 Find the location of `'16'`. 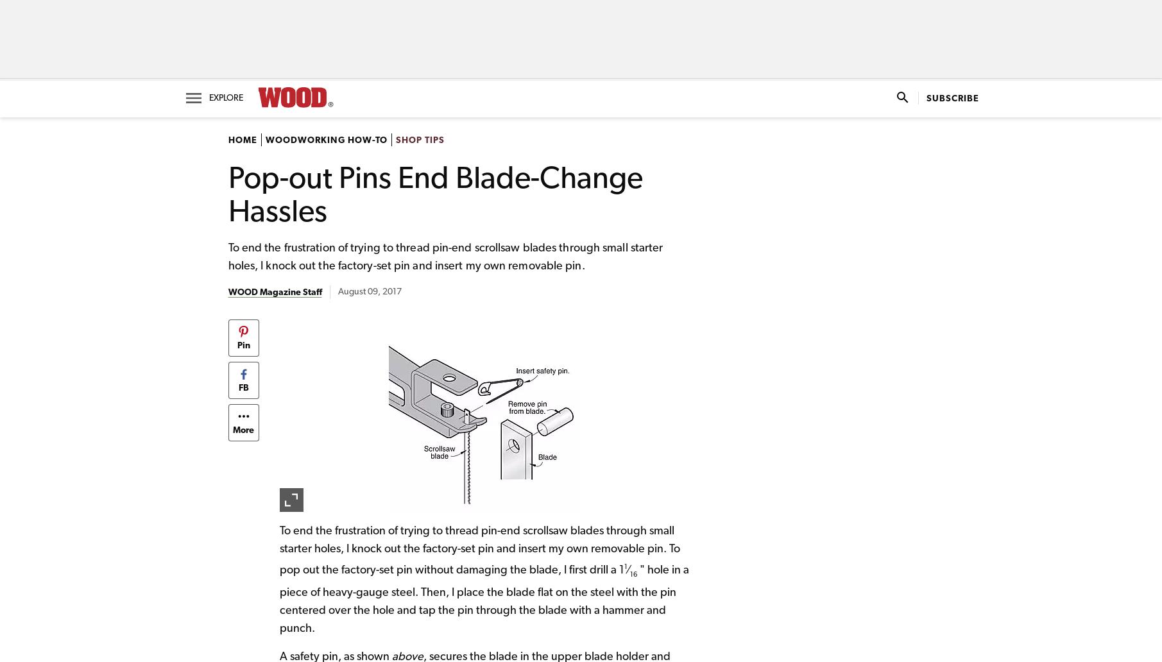

'16' is located at coordinates (629, 573).